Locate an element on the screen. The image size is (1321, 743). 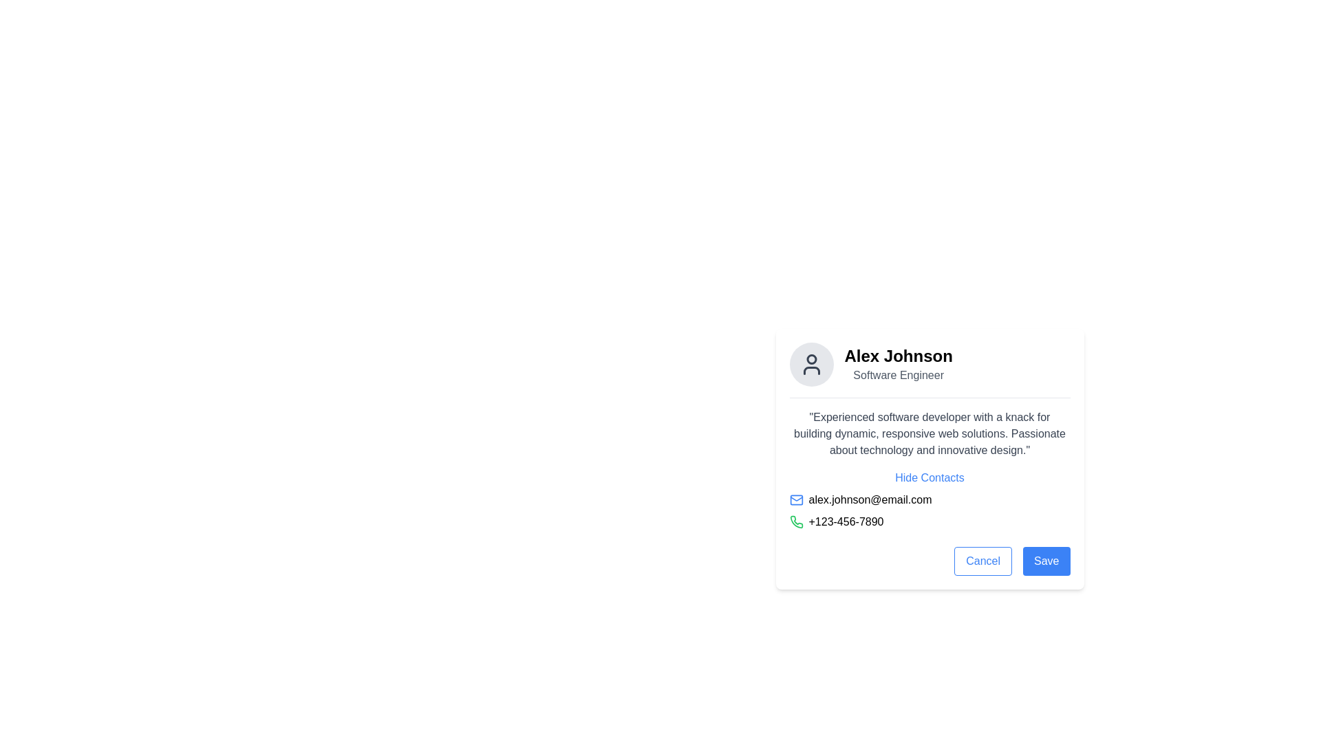
the user's profile image icon located at the top-center of the user profile card is located at coordinates (811, 363).